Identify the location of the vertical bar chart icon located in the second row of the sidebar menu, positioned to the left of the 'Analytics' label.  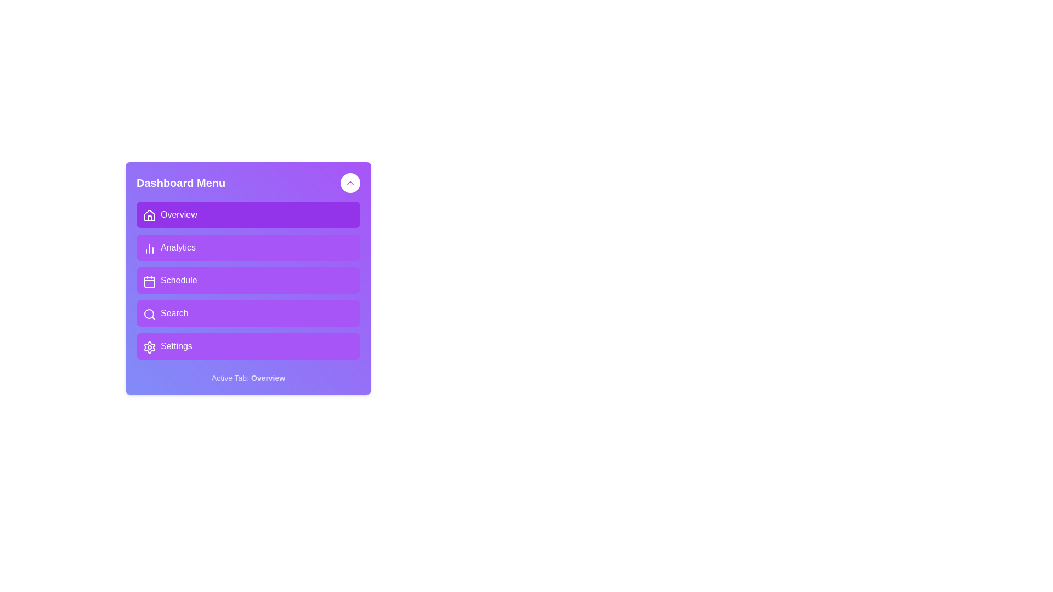
(149, 249).